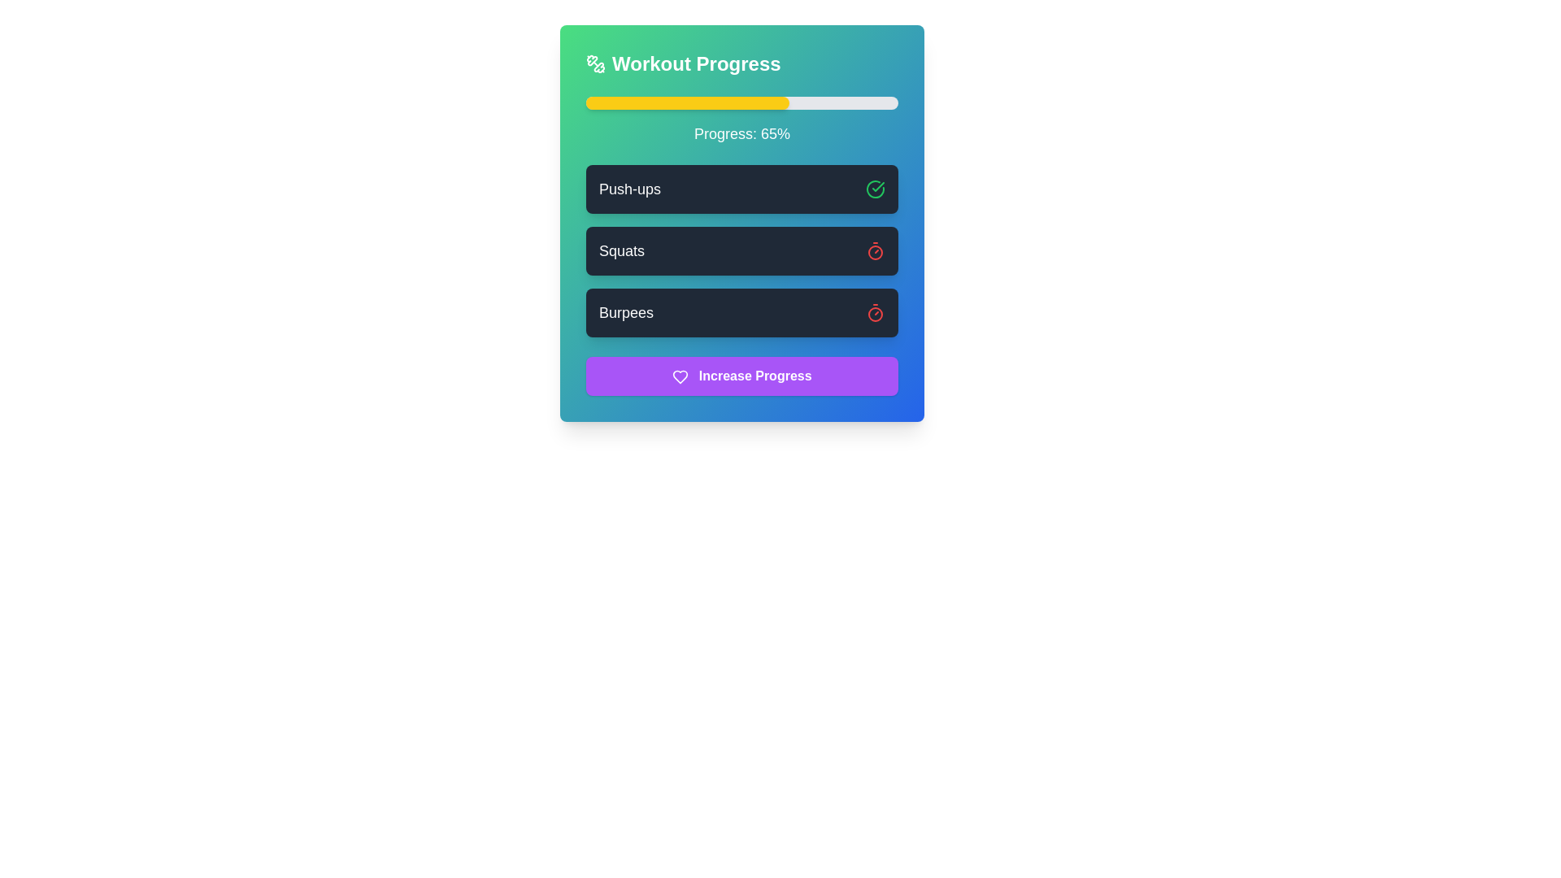  I want to click on text label that serves as the title of the exercise card, positioned at the top left of the card, before the green check icon, so click(629, 188).